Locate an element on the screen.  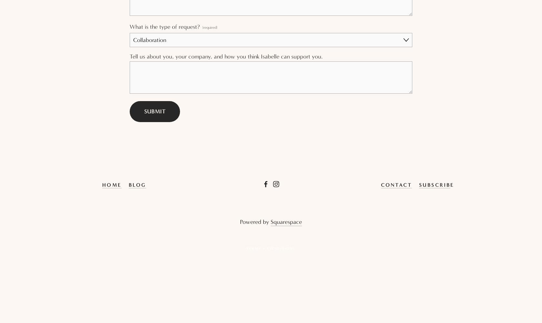
'Powered by' is located at coordinates (255, 222).